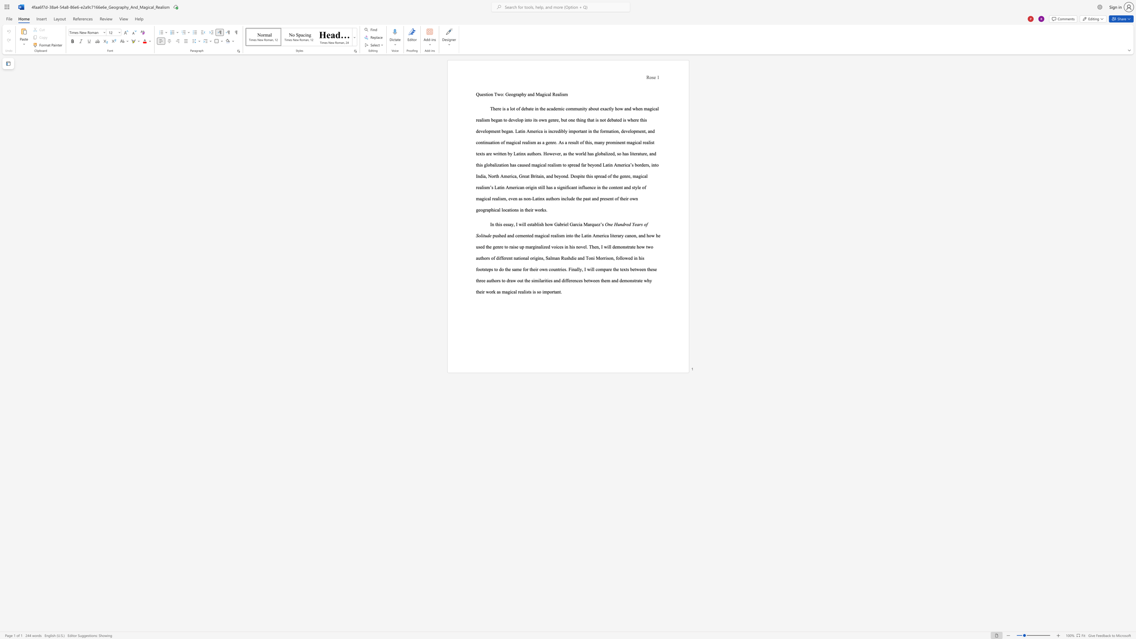 The width and height of the screenshot is (1136, 639). Describe the element at coordinates (577, 198) in the screenshot. I see `the subset text "he past and present of their own g" within the text "in the content and style of magical realism, even as non-Latinx authors include the past and present of their own geographical locations in their works."` at that location.